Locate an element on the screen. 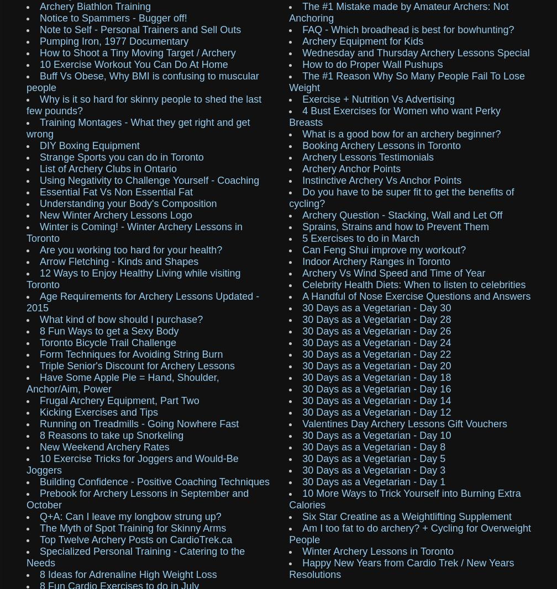 The width and height of the screenshot is (557, 589). '30 Days as a Vegetarian - Day 10' is located at coordinates (302, 434).